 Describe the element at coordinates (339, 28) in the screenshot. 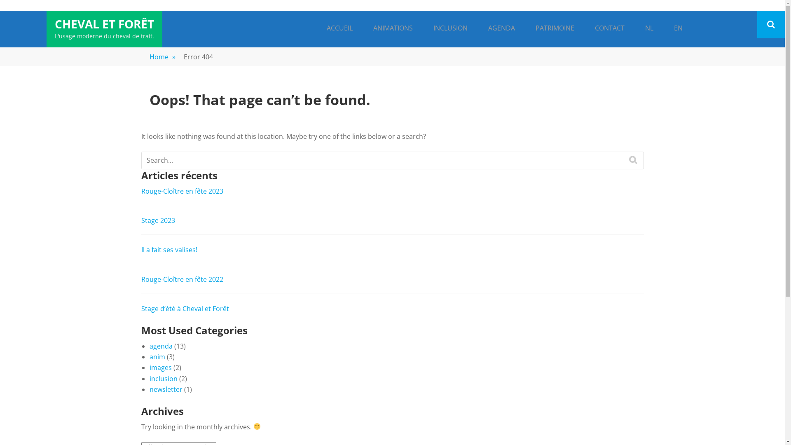

I see `'ACCUEIL'` at that location.